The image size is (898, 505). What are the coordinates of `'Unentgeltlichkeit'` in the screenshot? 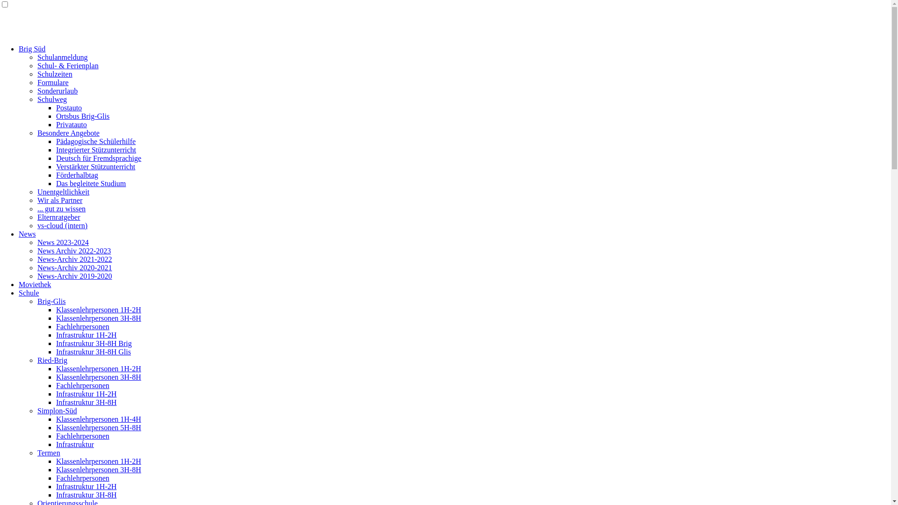 It's located at (37, 191).